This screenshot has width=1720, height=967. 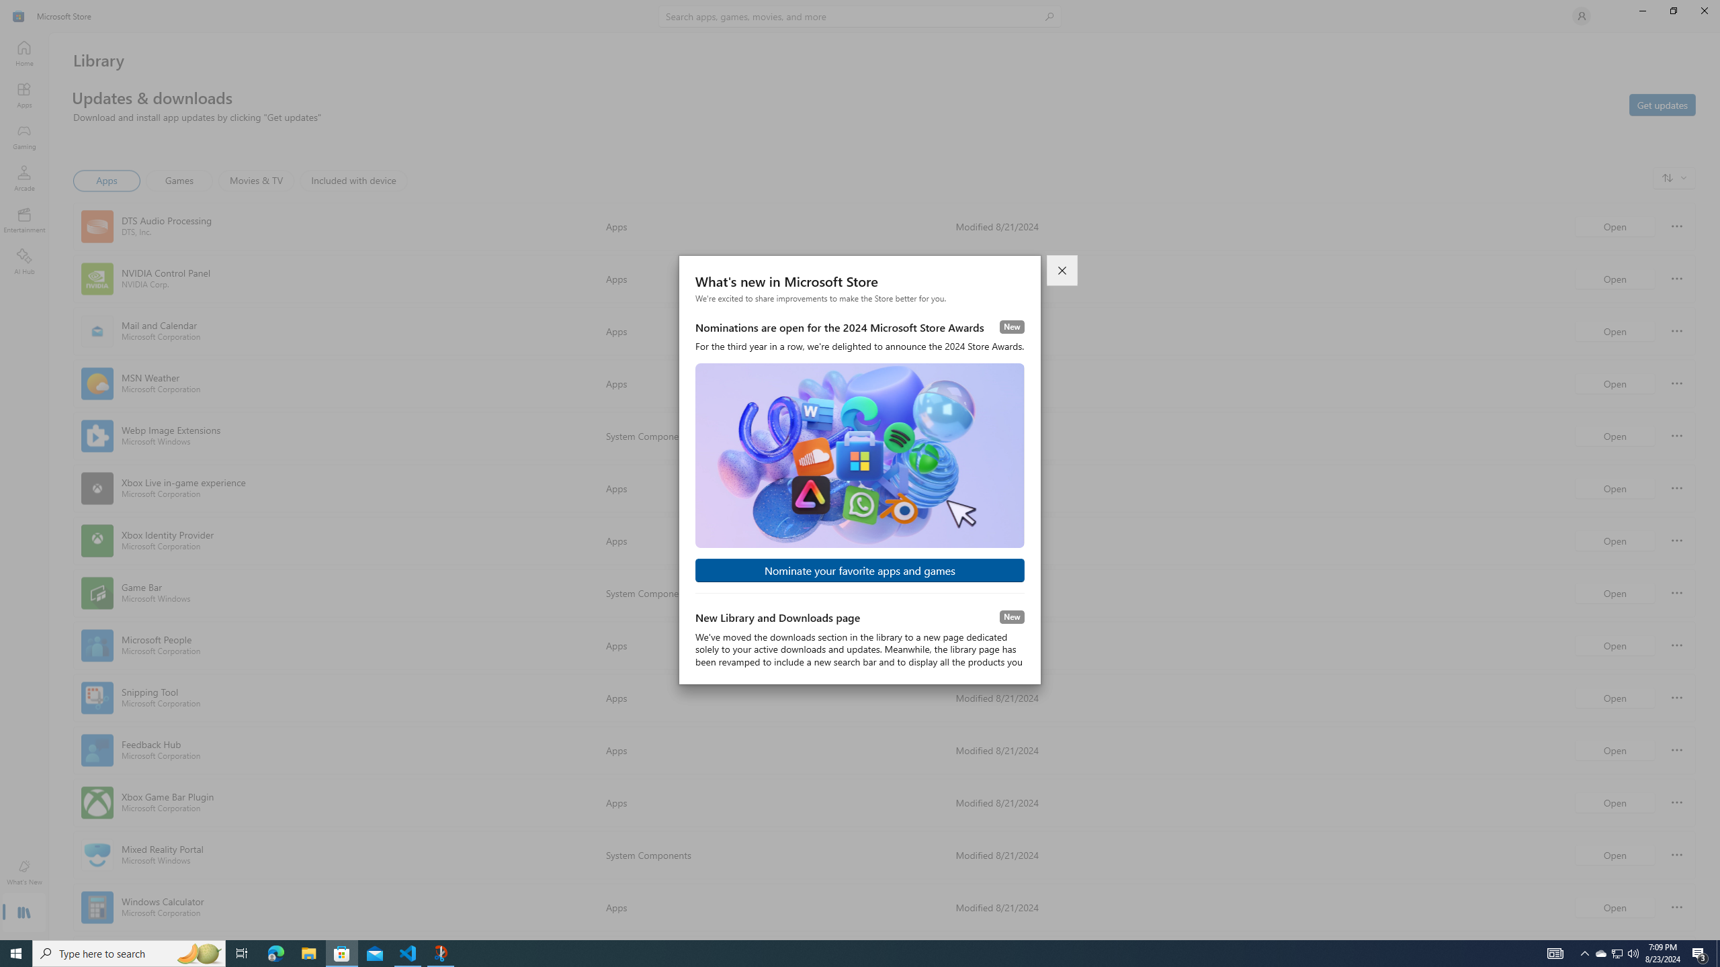 What do you see at coordinates (23, 261) in the screenshot?
I see `'AI Hub'` at bounding box center [23, 261].